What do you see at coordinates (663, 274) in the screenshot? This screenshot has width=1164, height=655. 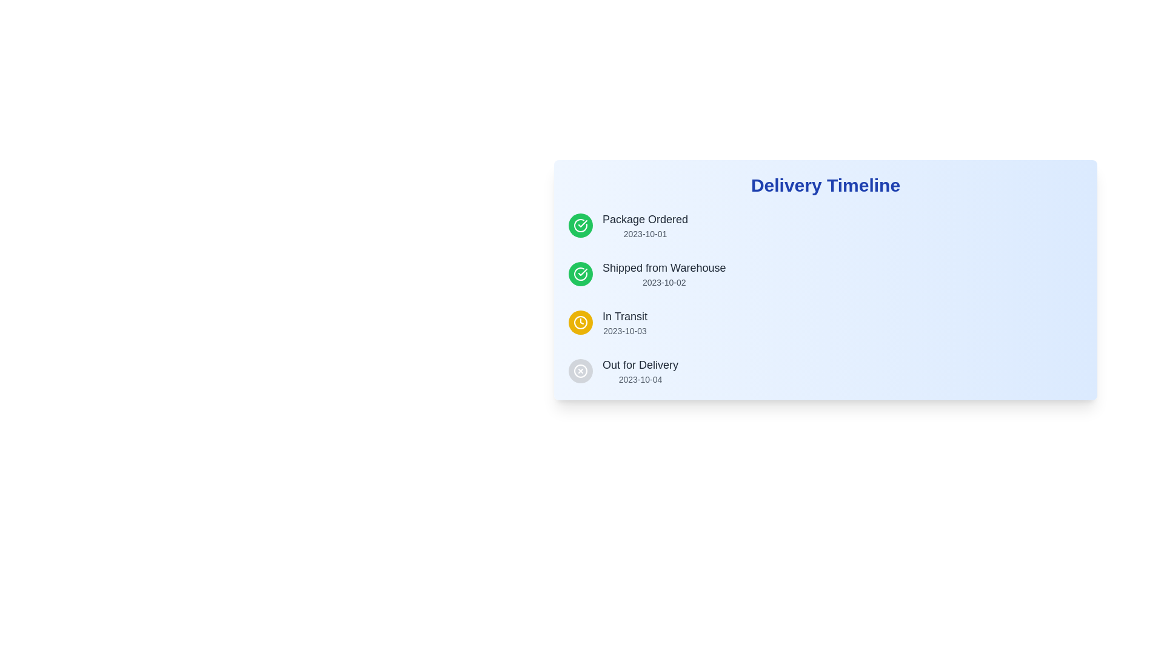 I see `delivery status update text display block indicating that the shipment left the warehouse, located below 'Package Ordered 2023-10-01' and above 'In Transit 2023-10-03'` at bounding box center [663, 274].